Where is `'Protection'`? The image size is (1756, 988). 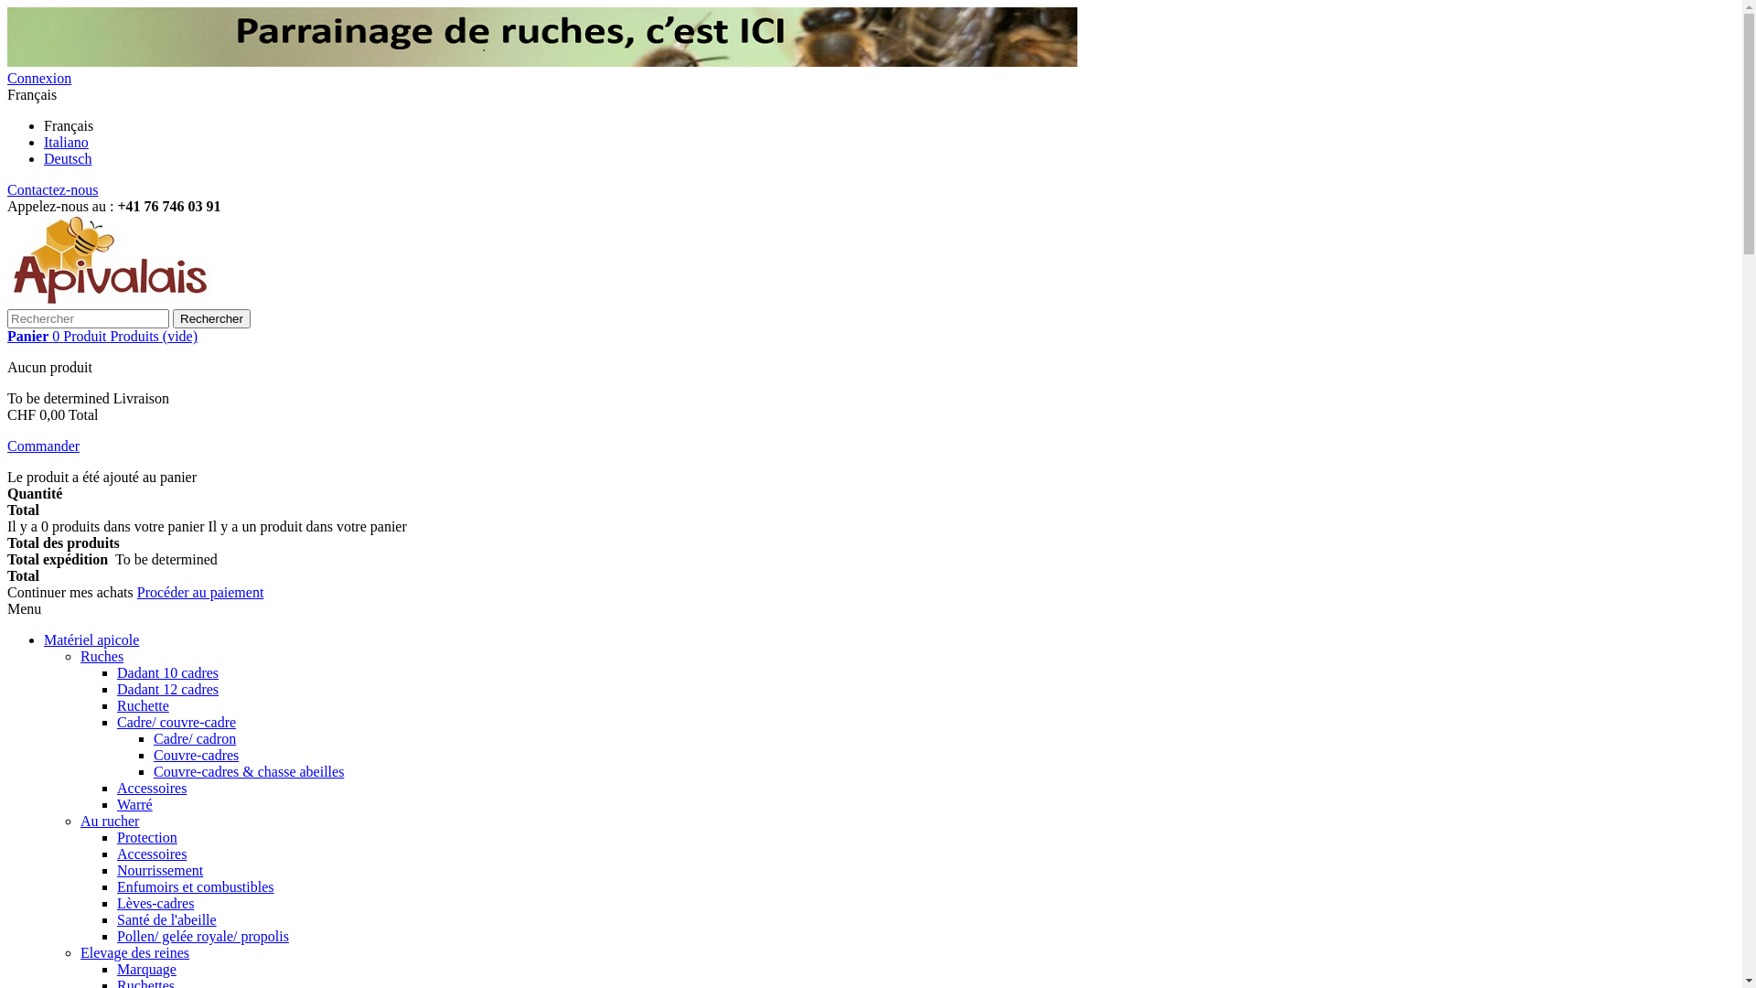
'Protection' is located at coordinates (116, 837).